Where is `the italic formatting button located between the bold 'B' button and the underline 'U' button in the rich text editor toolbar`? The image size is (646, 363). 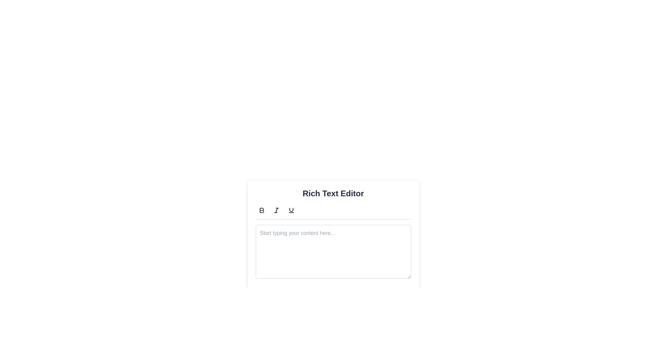
the italic formatting button located between the bold 'B' button and the underline 'U' button in the rich text editor toolbar is located at coordinates (276, 210).